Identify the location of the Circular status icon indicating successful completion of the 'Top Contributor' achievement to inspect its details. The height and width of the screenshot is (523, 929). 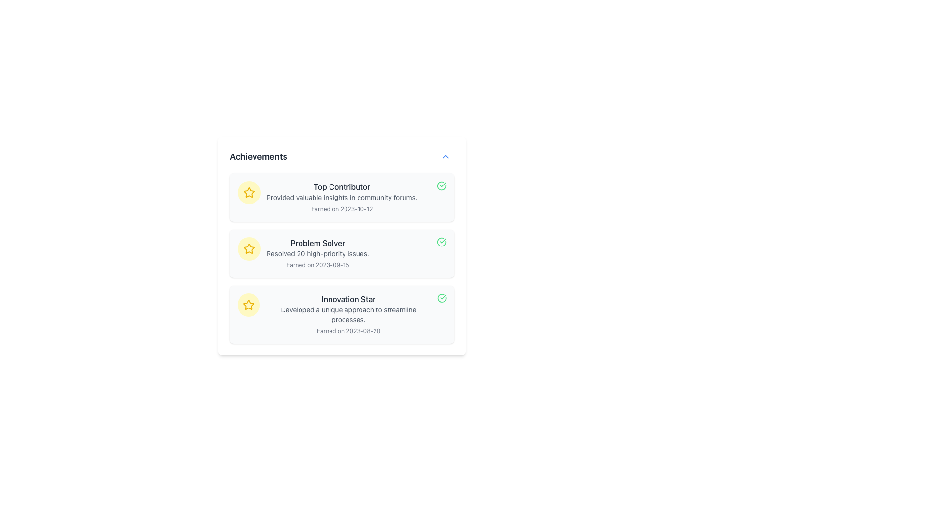
(441, 186).